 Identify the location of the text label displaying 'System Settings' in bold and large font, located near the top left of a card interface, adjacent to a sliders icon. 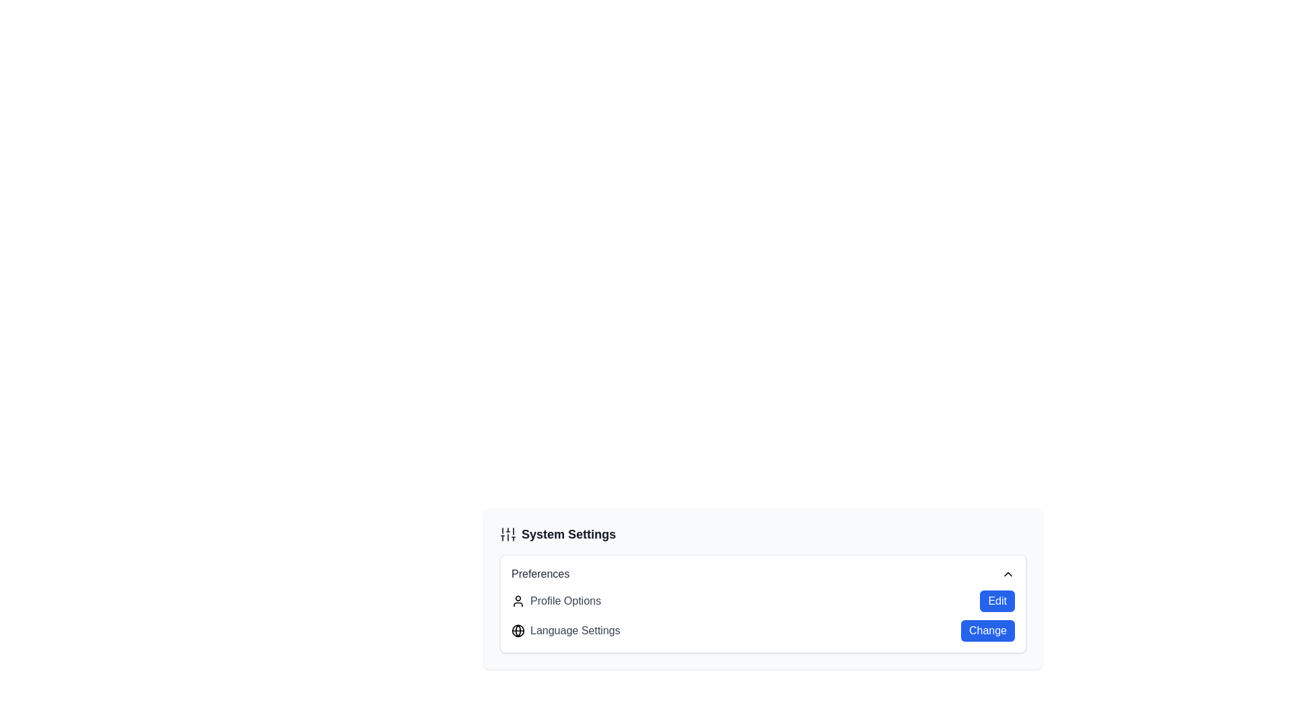
(569, 534).